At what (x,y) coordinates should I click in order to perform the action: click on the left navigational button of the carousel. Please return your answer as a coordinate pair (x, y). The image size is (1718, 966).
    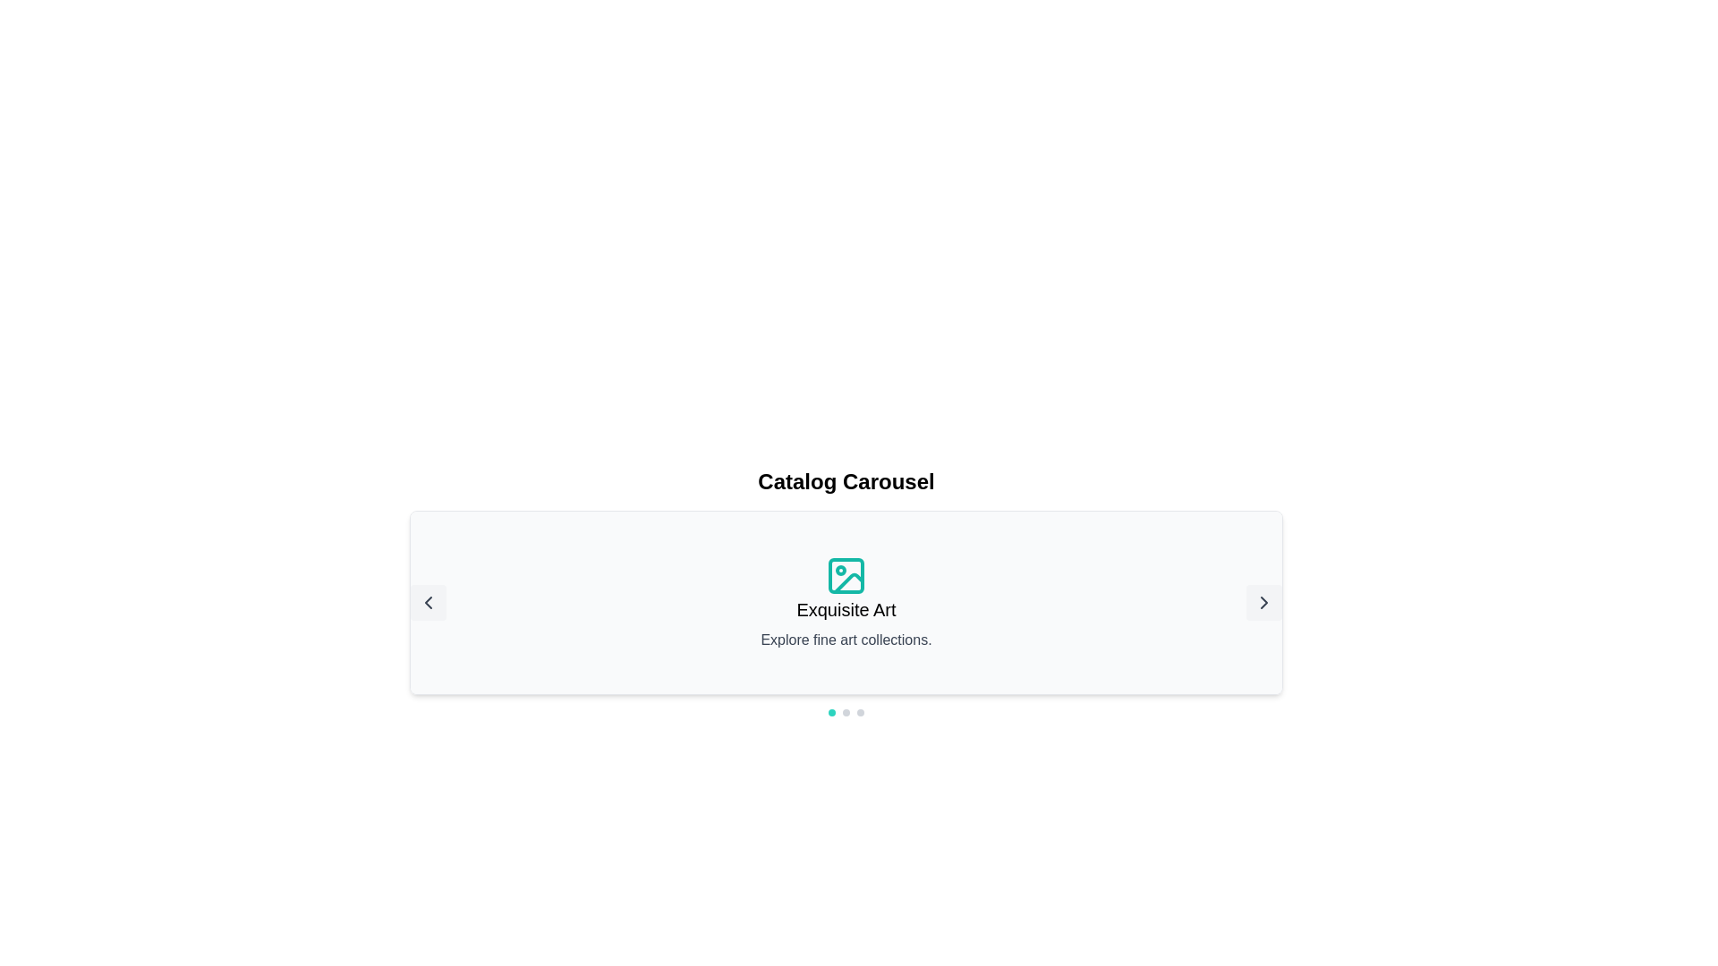
    Looking at the image, I should click on (428, 603).